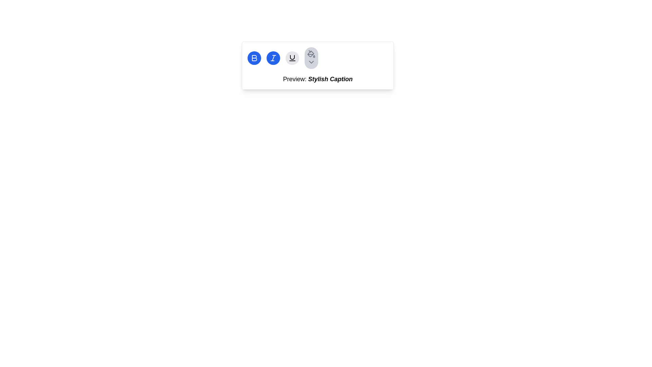 The width and height of the screenshot is (652, 367). Describe the element at coordinates (292, 57) in the screenshot. I see `the underline formatting button located in the horizontal toolbar, which is the third button from the left` at that location.